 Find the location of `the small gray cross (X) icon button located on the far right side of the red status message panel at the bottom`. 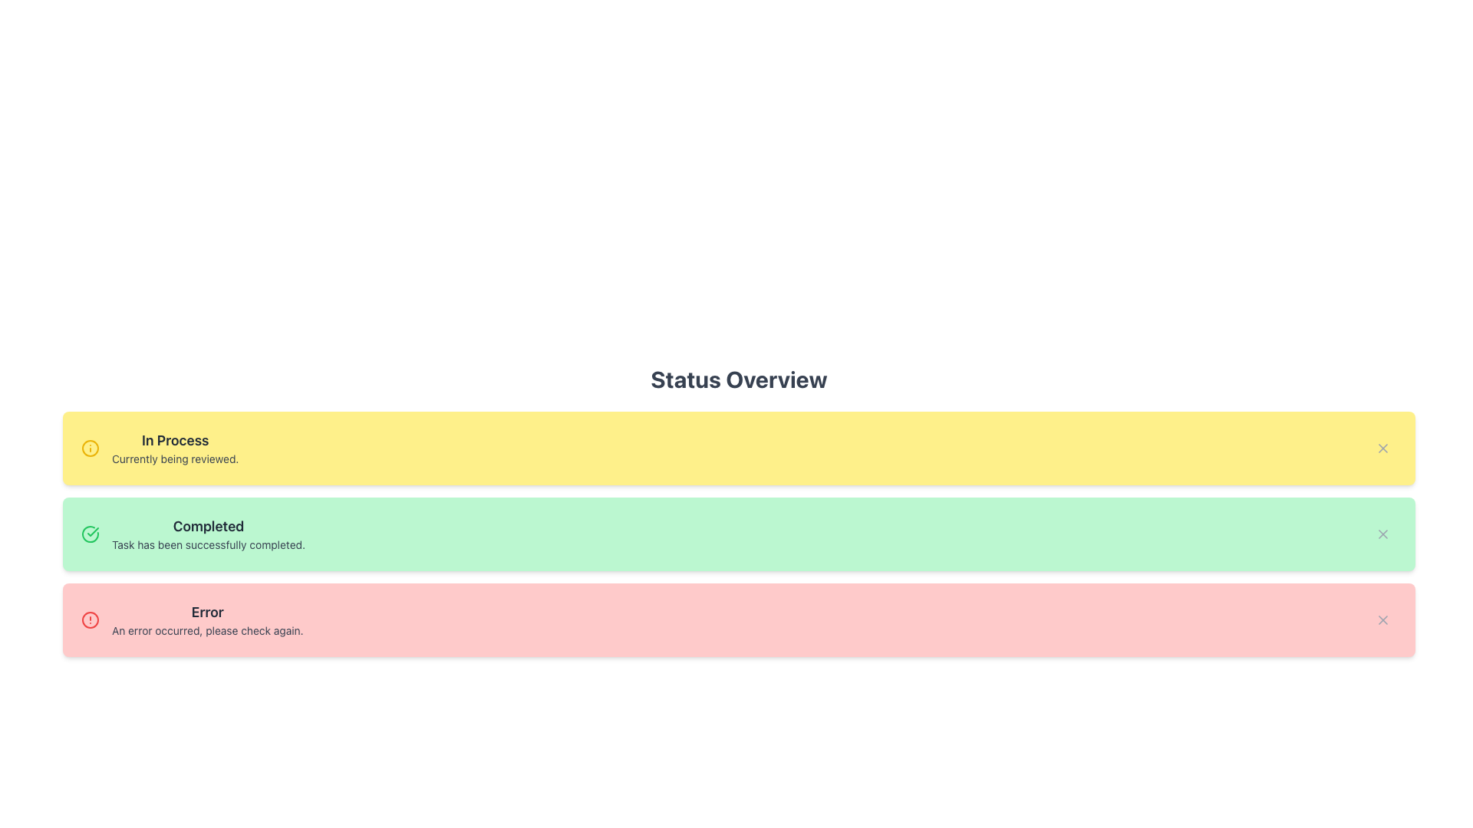

the small gray cross (X) icon button located on the far right side of the red status message panel at the bottom is located at coordinates (1383, 619).